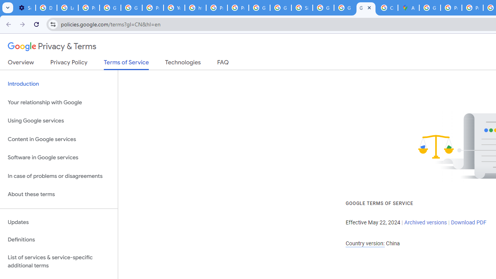 Image resolution: width=496 pixels, height=279 pixels. Describe the element at coordinates (21, 64) in the screenshot. I see `'Overview'` at that location.